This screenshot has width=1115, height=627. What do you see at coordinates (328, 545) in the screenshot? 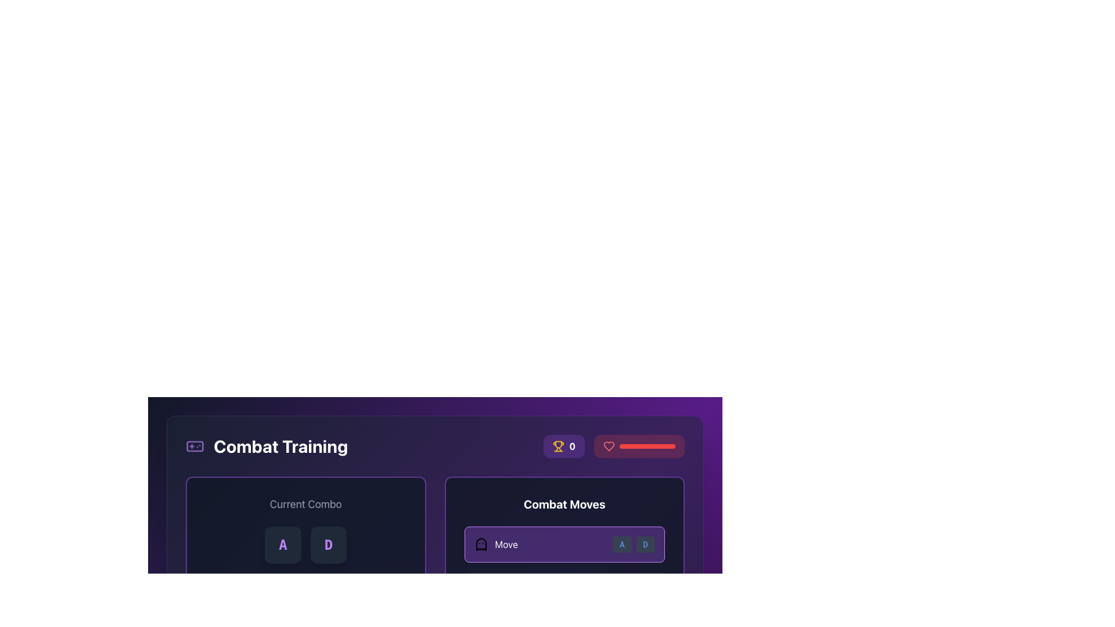
I see `the second button labeled 'D' located under 'Current Combo' in the bottom-center of the interface` at bounding box center [328, 545].